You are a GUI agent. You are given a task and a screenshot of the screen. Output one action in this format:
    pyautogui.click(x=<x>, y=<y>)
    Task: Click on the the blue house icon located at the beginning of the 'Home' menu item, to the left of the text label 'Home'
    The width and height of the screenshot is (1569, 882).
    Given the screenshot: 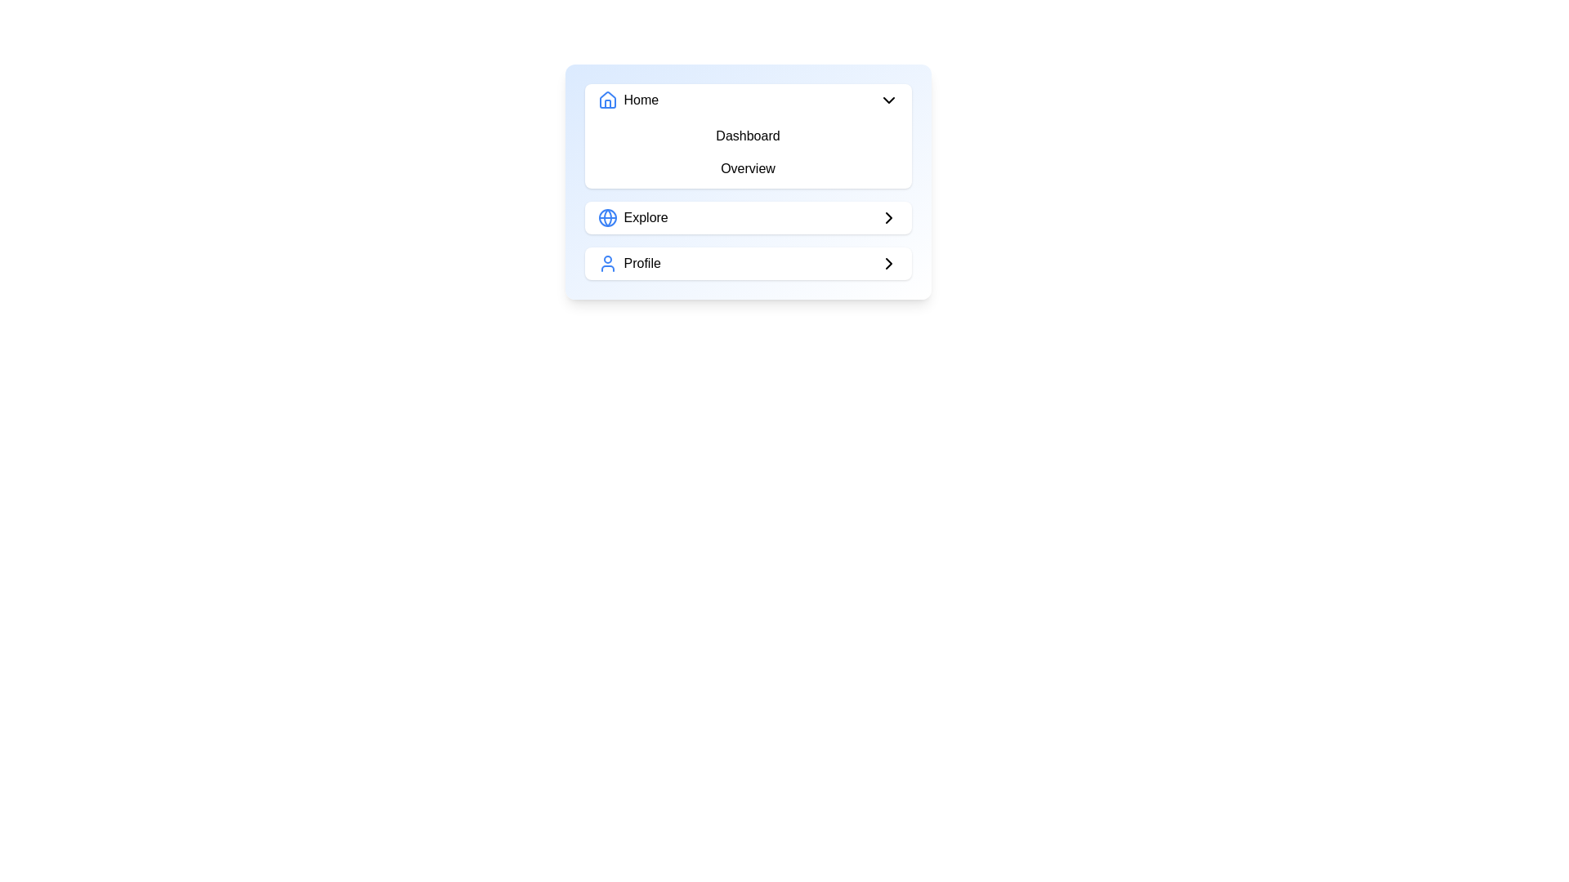 What is the action you would take?
    pyautogui.click(x=606, y=100)
    